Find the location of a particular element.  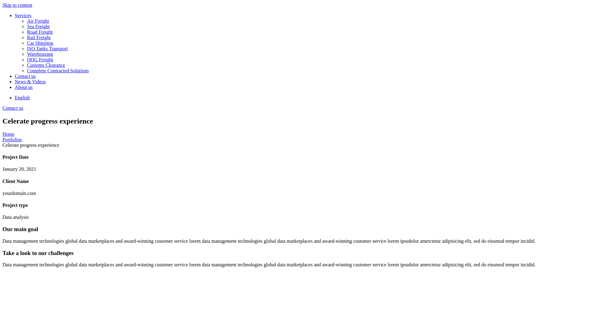

'Customs Clearance' is located at coordinates (307, 65).